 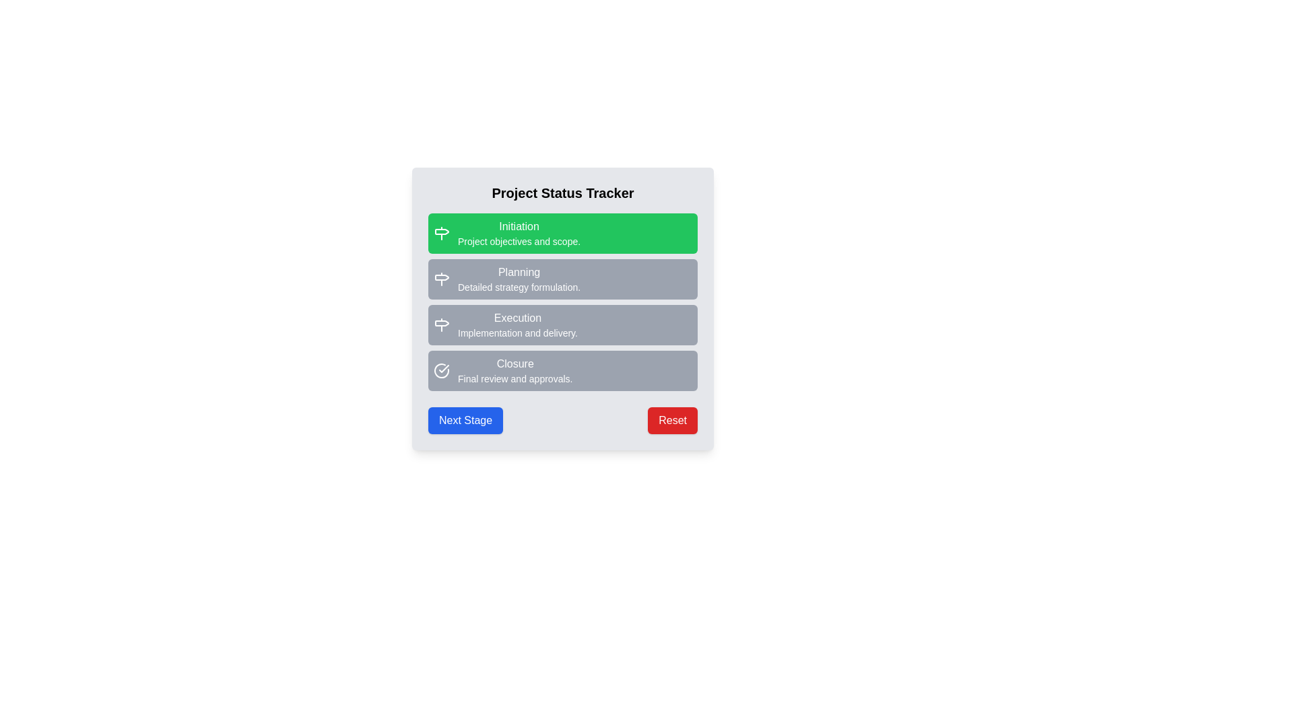 I want to click on text from the 'Execution' stage card in the Project Status Tracker, which is the third item in the list, so click(x=562, y=324).